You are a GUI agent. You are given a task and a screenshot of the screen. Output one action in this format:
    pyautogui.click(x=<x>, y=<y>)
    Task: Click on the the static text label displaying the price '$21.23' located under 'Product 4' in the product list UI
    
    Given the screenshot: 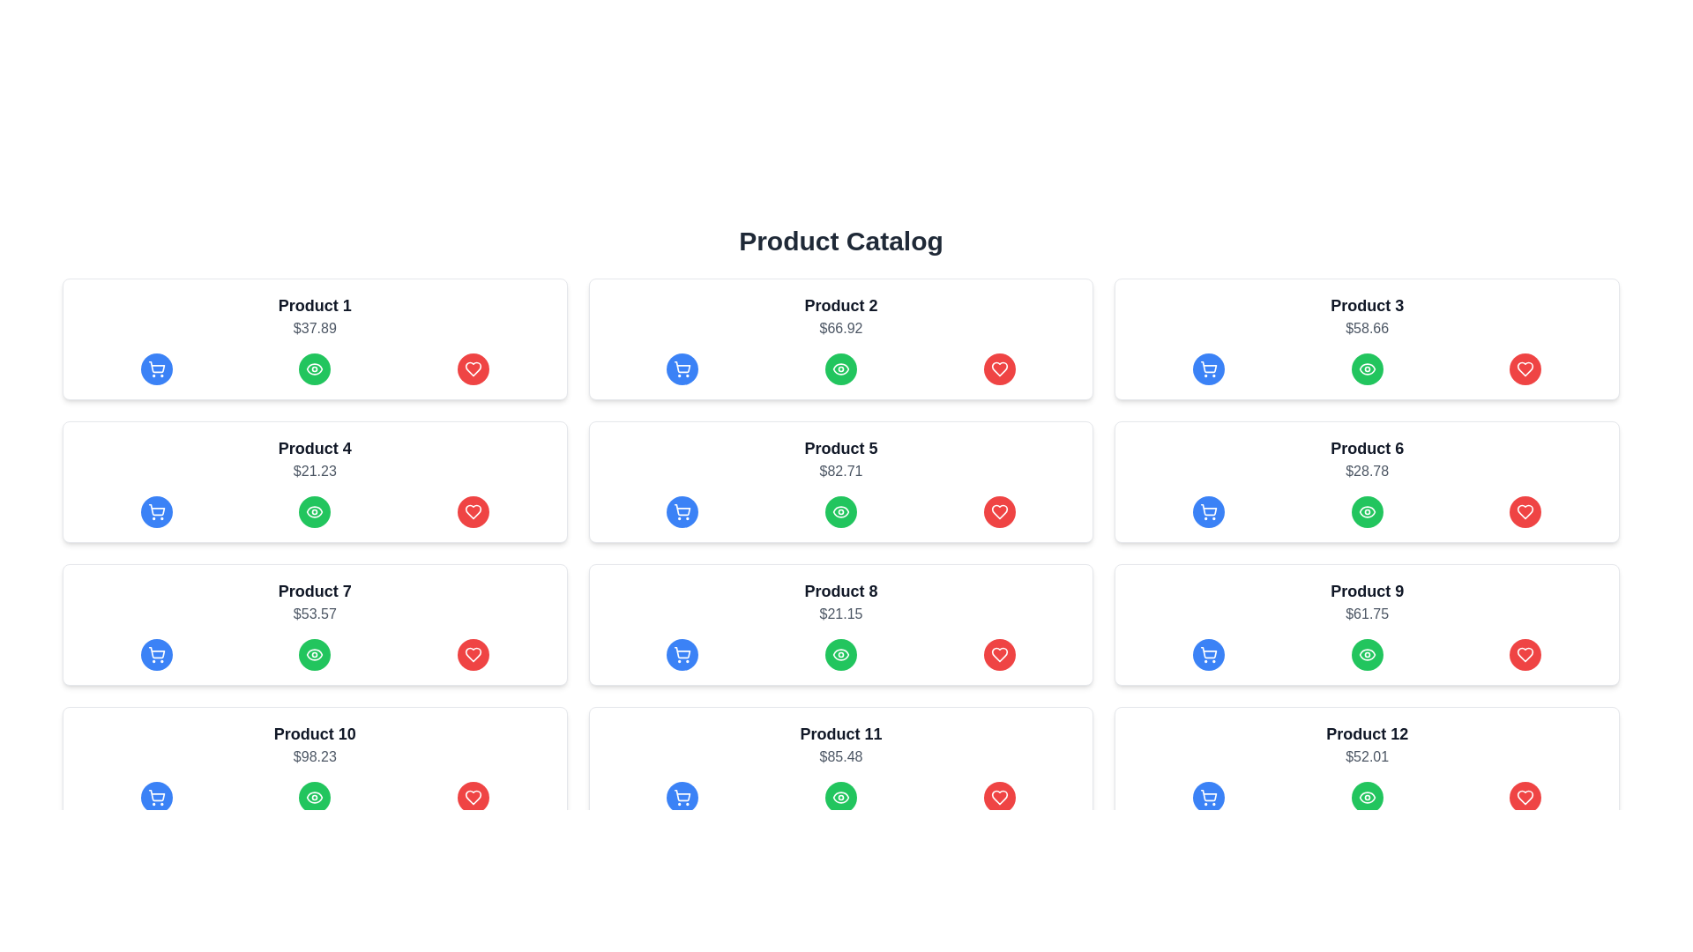 What is the action you would take?
    pyautogui.click(x=315, y=471)
    